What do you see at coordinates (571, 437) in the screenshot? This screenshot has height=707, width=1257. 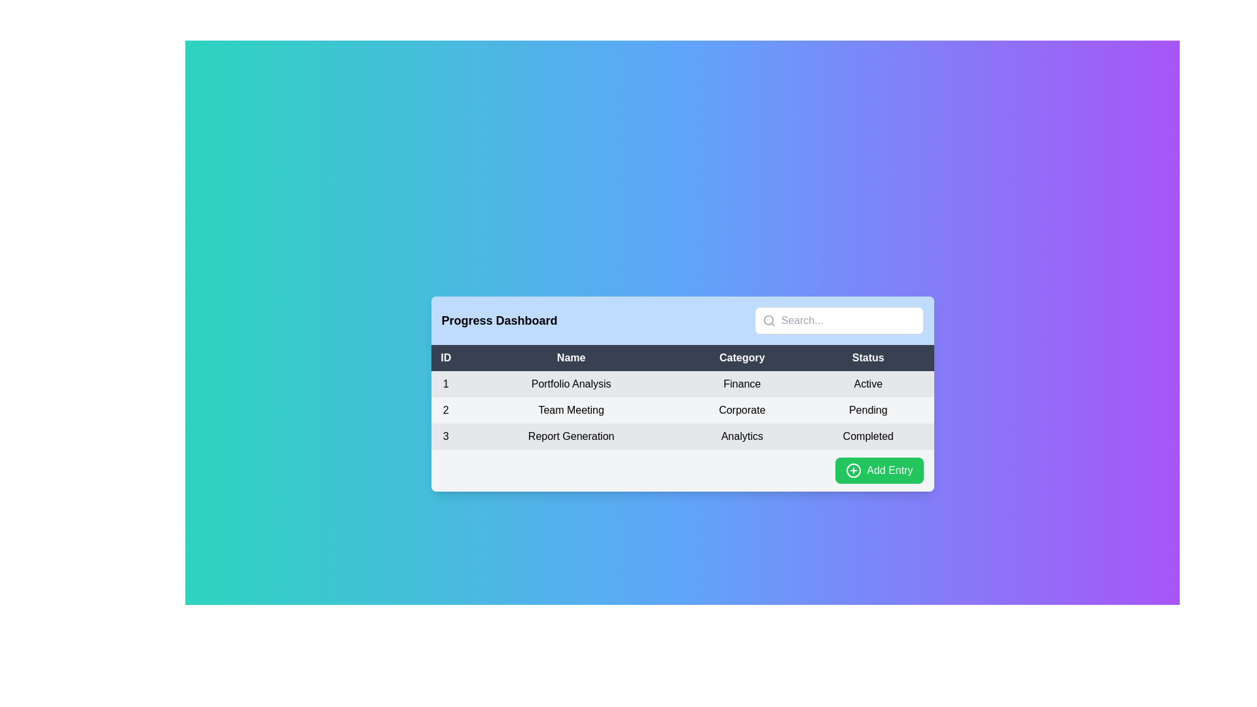 I see `the text label displaying 'Report Generation' in the 'Progress Dashboard' table, which is located in the 'Name' column of the third row` at bounding box center [571, 437].